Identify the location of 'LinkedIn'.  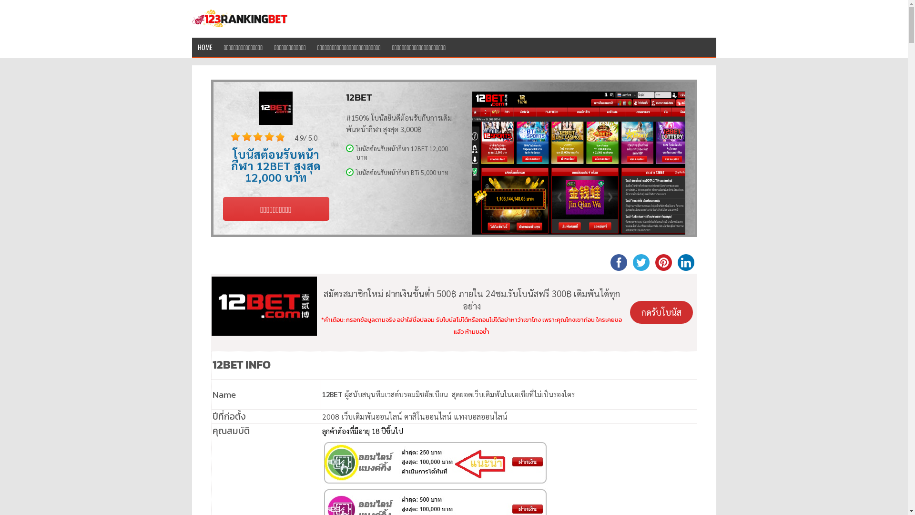
(685, 262).